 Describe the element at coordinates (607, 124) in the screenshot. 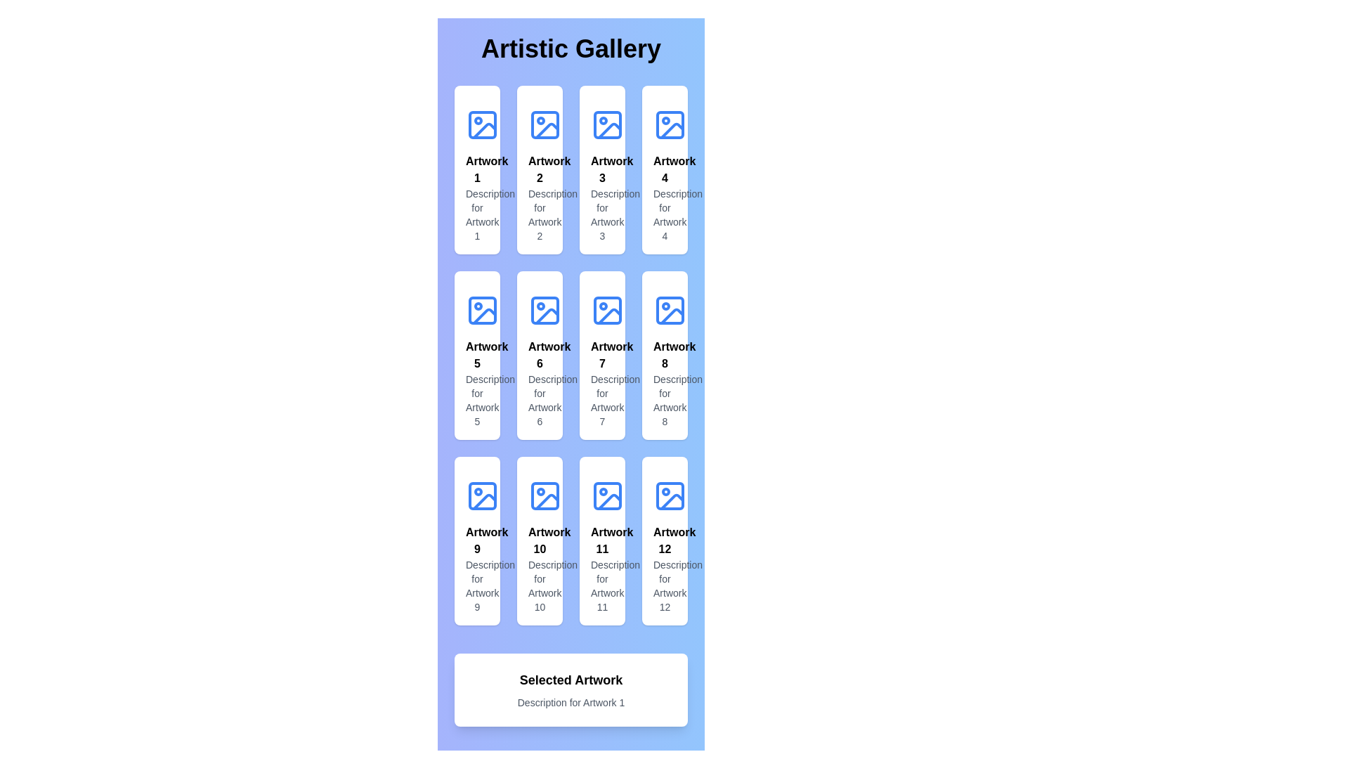

I see `the Icon component that is part of the third image icon in the first row of the gallery layout, which serves as a decorative part of an SVG image indicating detail` at that location.